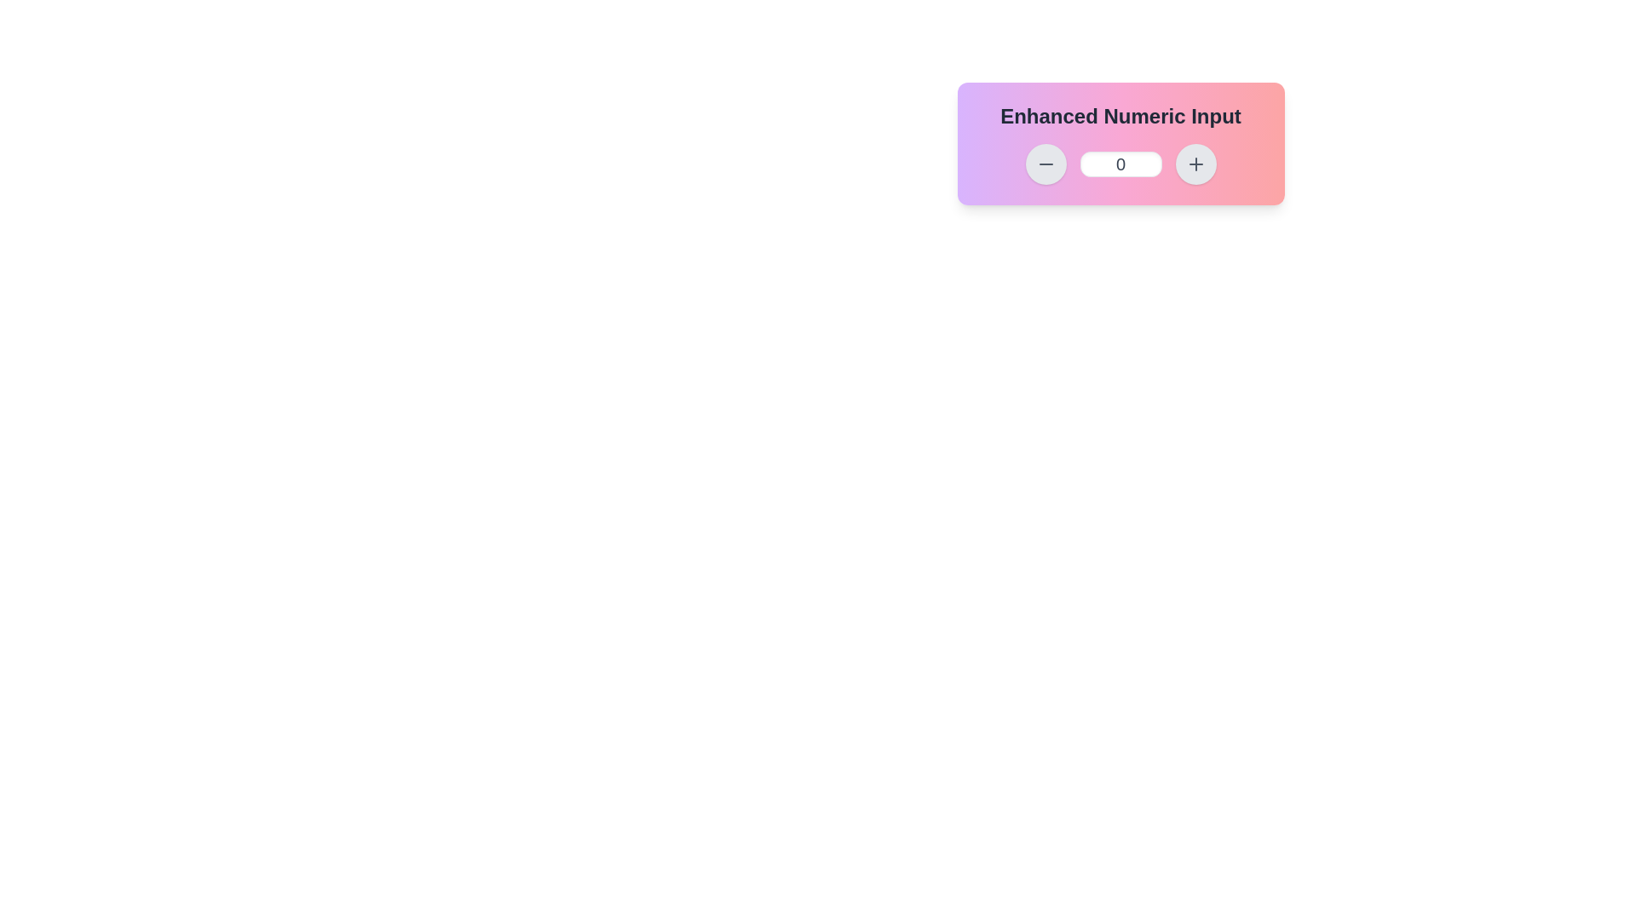  Describe the element at coordinates (1195, 164) in the screenshot. I see `the increment button located to the right of the numeric input field, which increases the value displayed when clicked` at that location.